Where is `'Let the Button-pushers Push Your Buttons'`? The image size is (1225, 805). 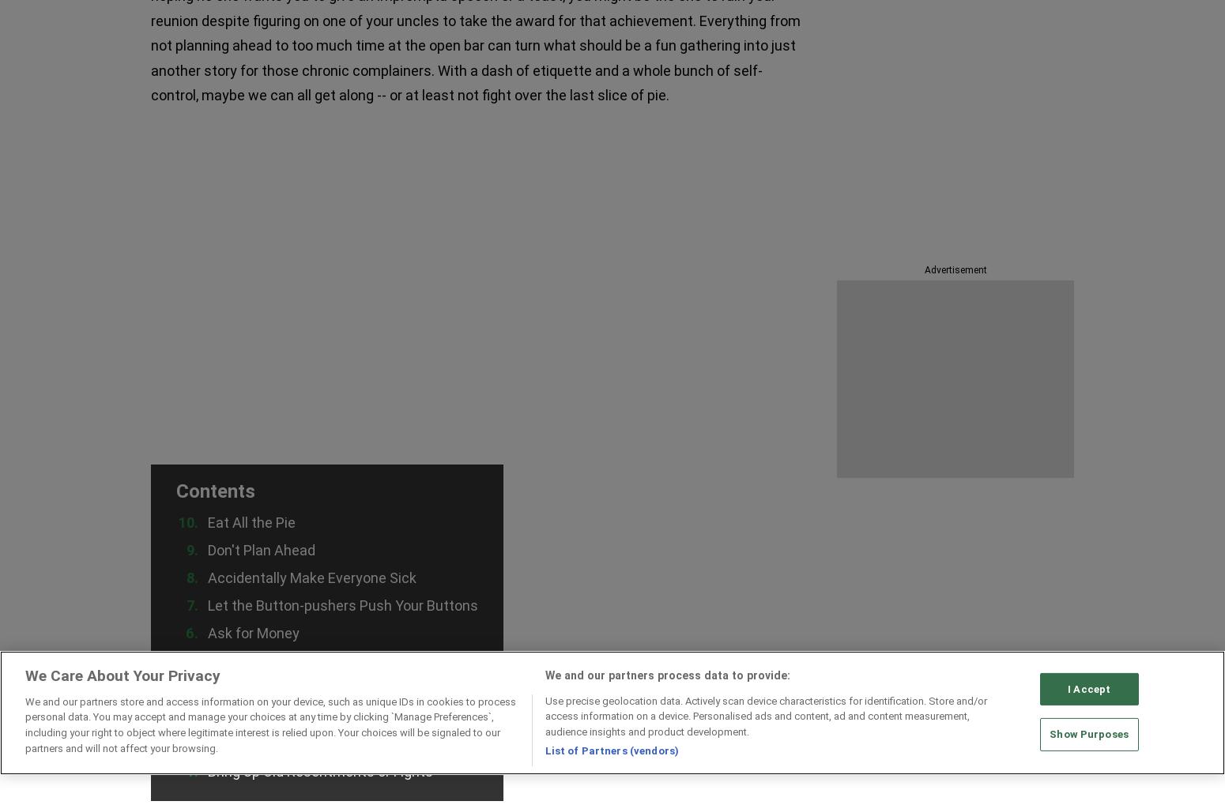
'Let the Button-pushers Push Your Buttons' is located at coordinates (208, 604).